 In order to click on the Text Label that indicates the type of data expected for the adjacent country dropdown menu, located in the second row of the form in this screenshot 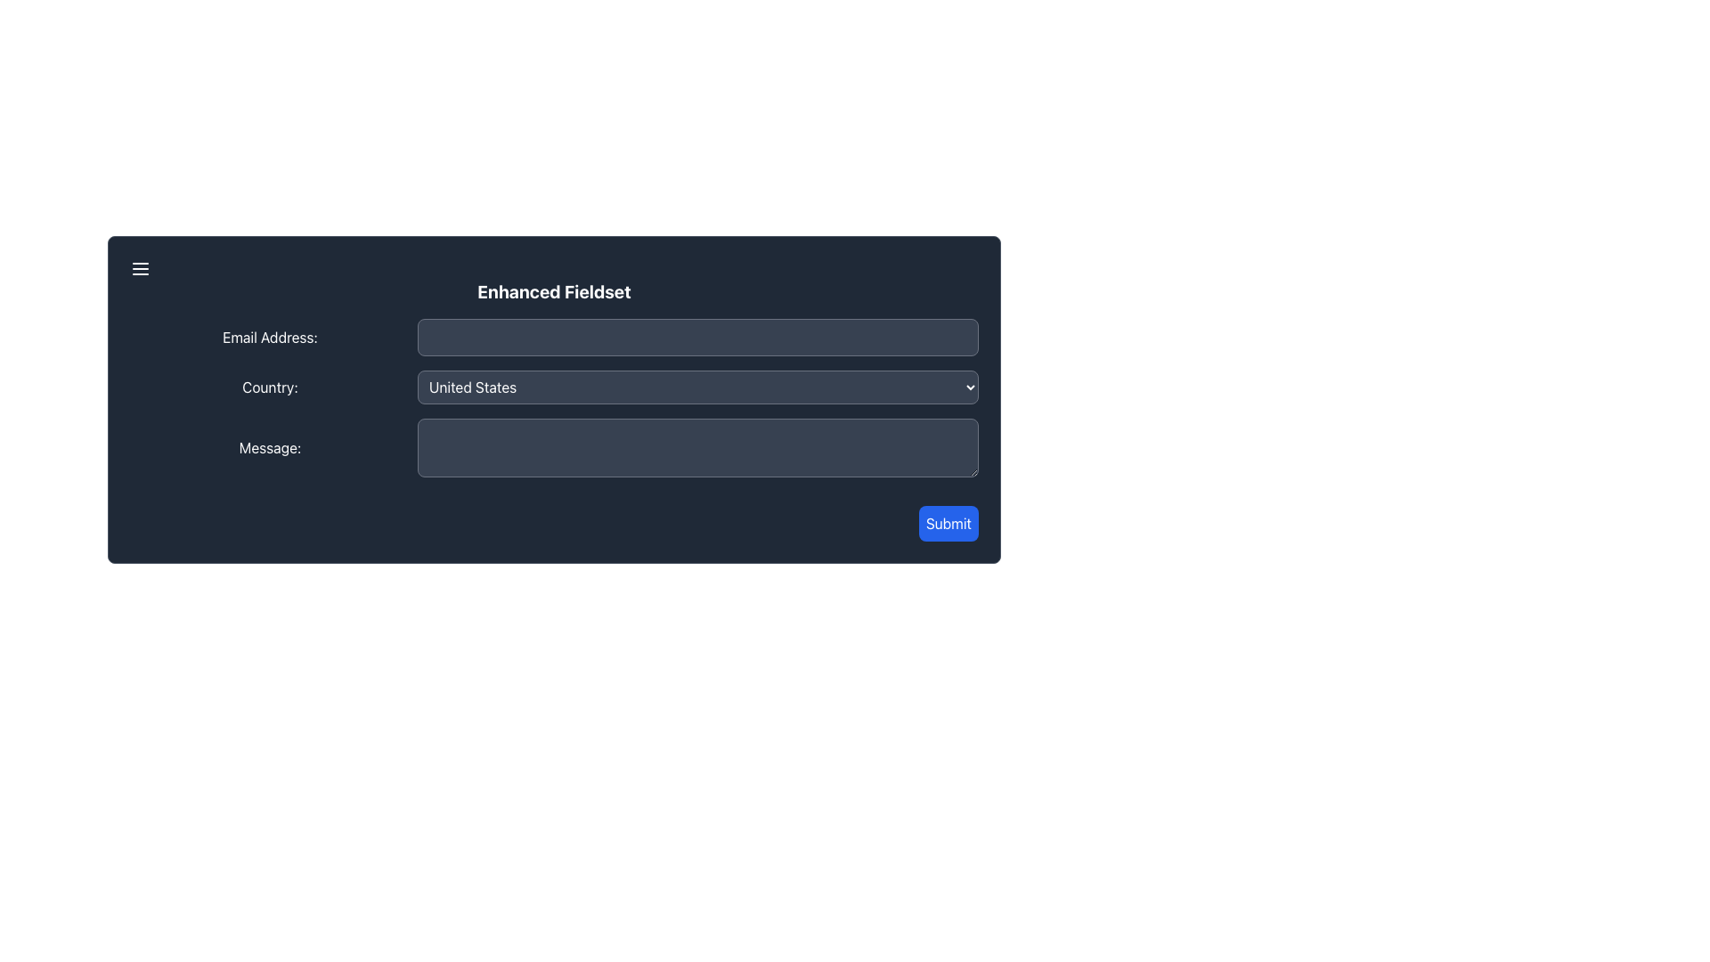, I will do `click(269, 387)`.